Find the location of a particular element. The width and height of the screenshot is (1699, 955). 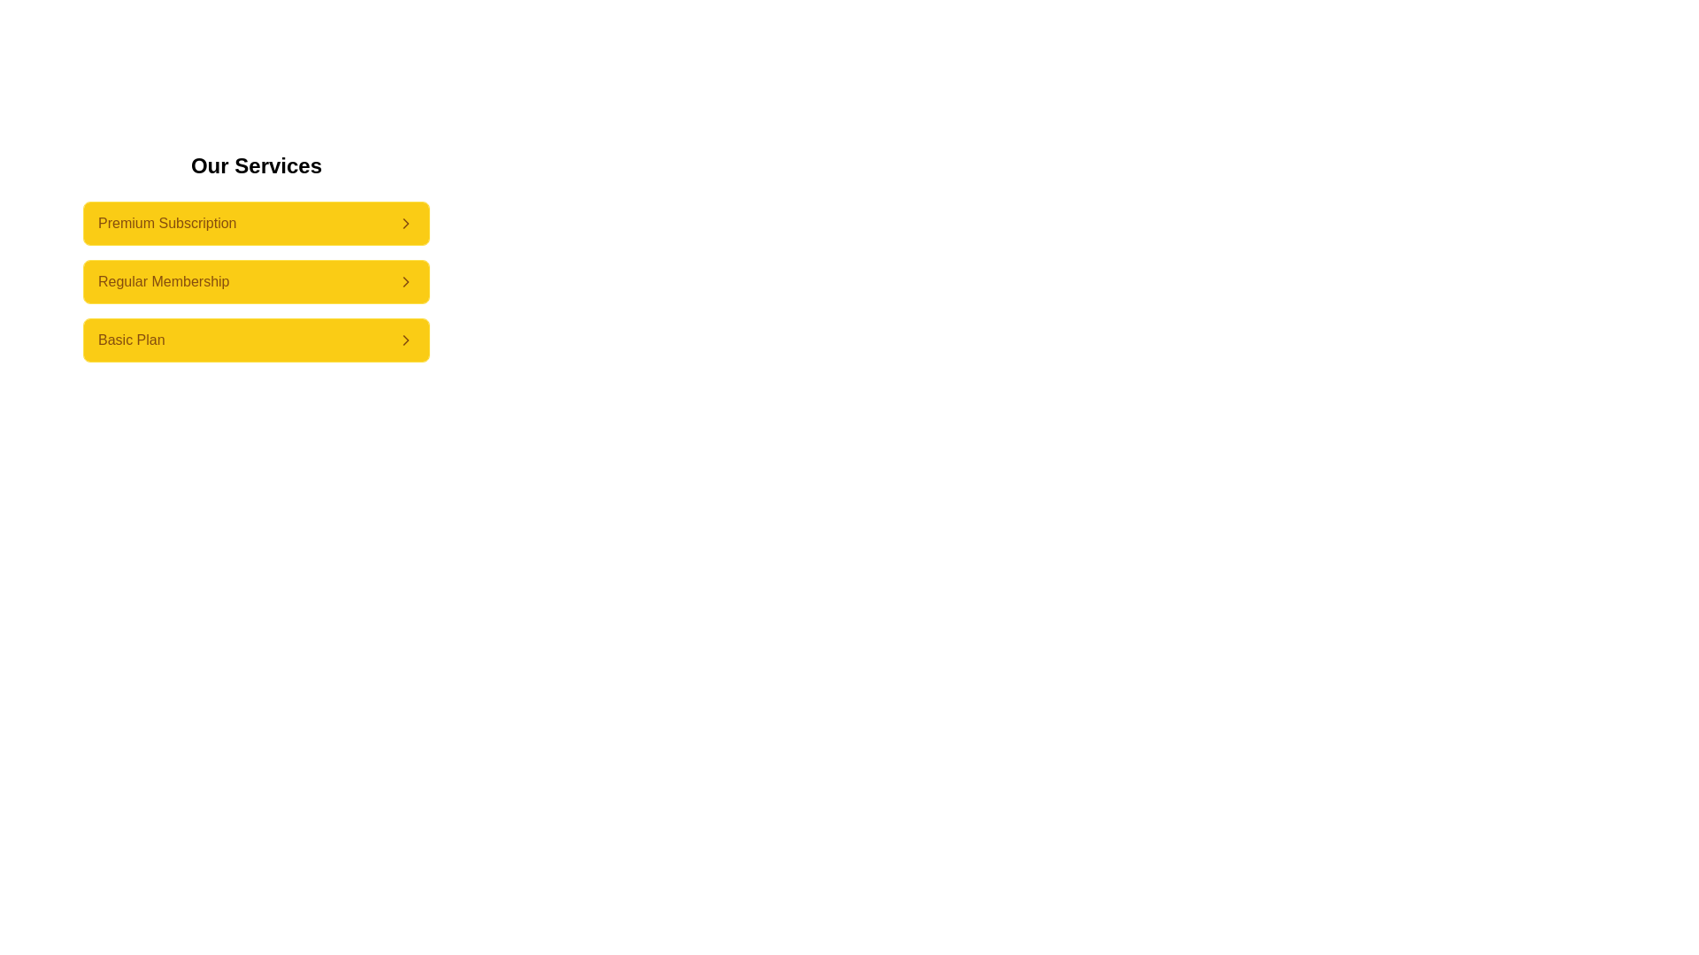

the 'Regular Membership' button, which is the second button in a vertical stack of three buttons is located at coordinates (255, 281).